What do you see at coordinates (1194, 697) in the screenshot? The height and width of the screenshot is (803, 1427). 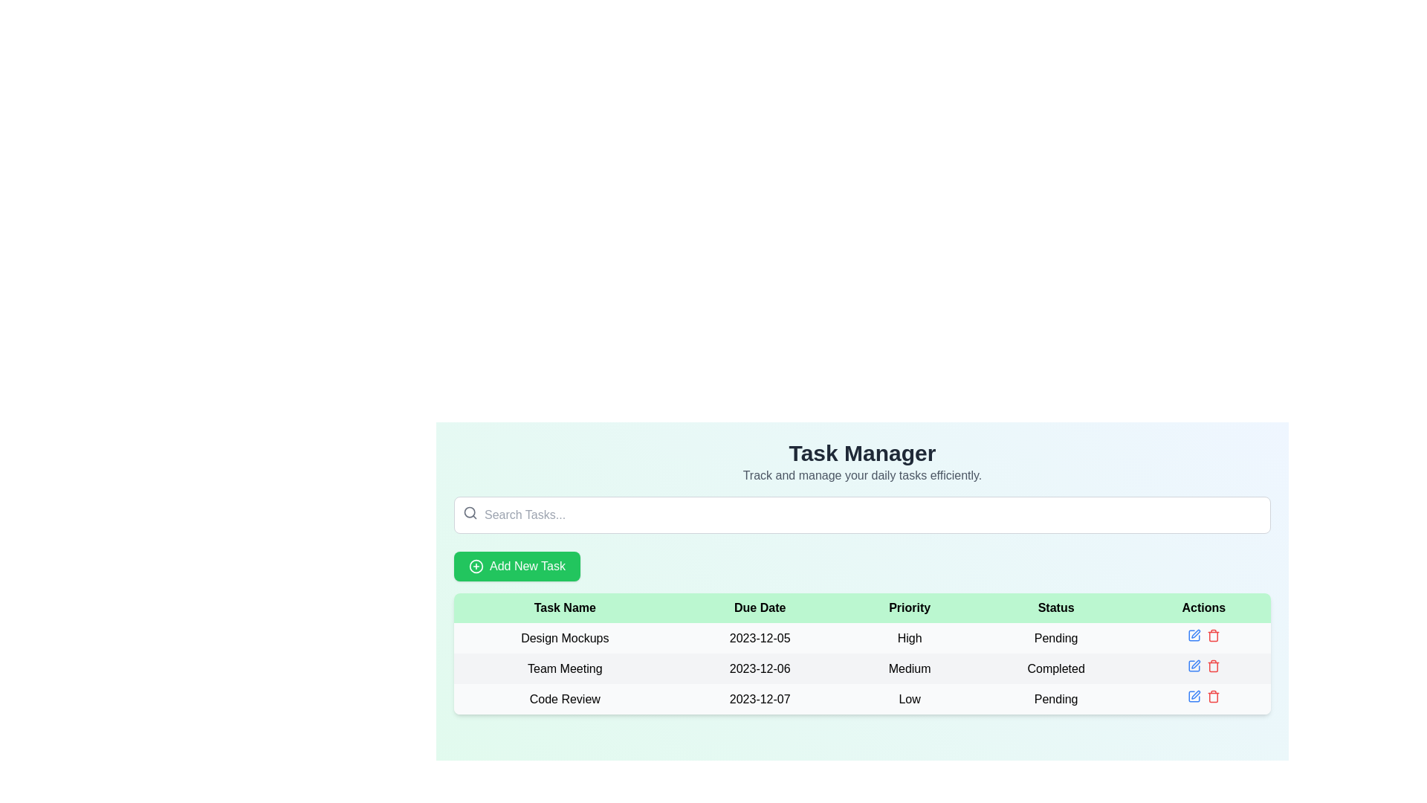 I see `the blue icon with a pen inside, located in the 'Actions' column of the 'Code Review' row` at bounding box center [1194, 697].